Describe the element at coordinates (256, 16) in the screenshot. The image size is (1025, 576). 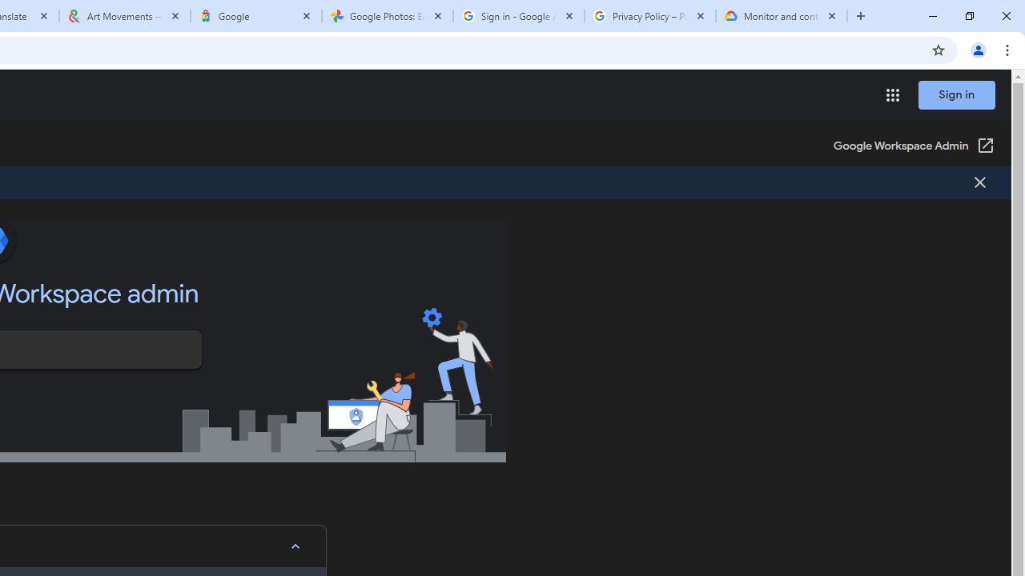
I see `'Google'` at that location.